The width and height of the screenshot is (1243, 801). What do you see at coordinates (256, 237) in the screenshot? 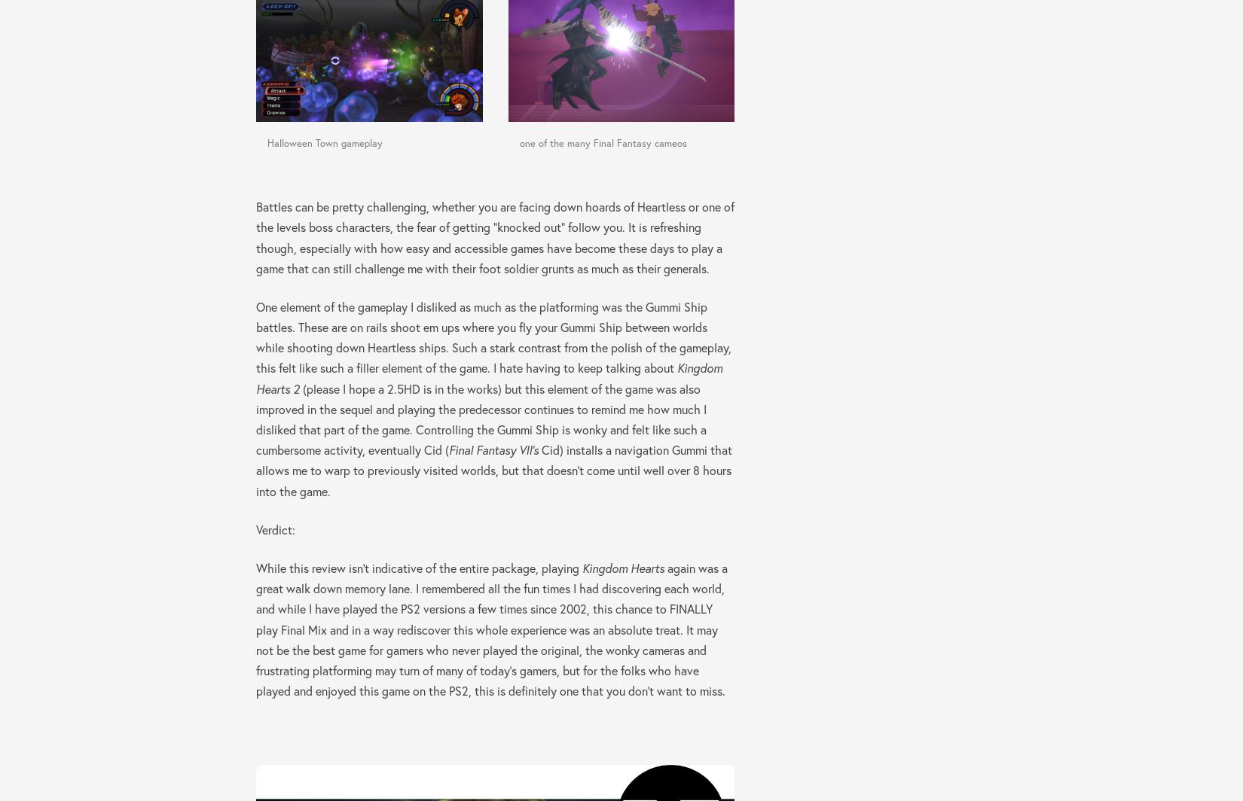
I see `'Battles can be pretty challenging,
whether you are facing down hoards of Heartless or one of the levels boss
characters, the fear of getting “knocked out” follow you. It is refreshing
though, especially with how easy and accessible games have become these days to
play a game that can still challenge me with their foot soldier grunts as much
as their generals.'` at bounding box center [256, 237].